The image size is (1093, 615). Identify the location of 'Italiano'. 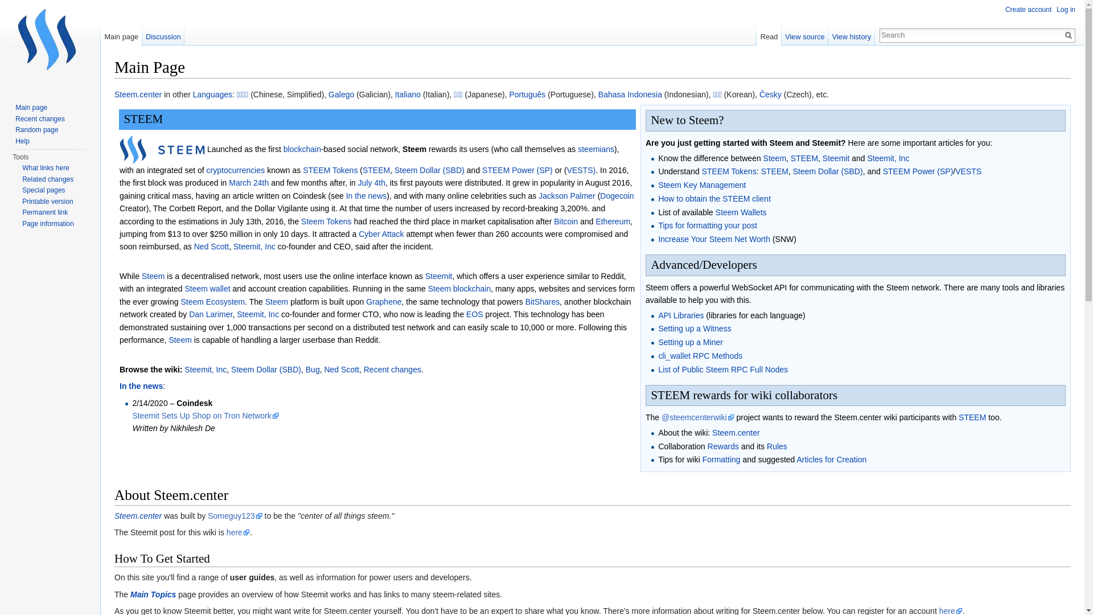
(408, 93).